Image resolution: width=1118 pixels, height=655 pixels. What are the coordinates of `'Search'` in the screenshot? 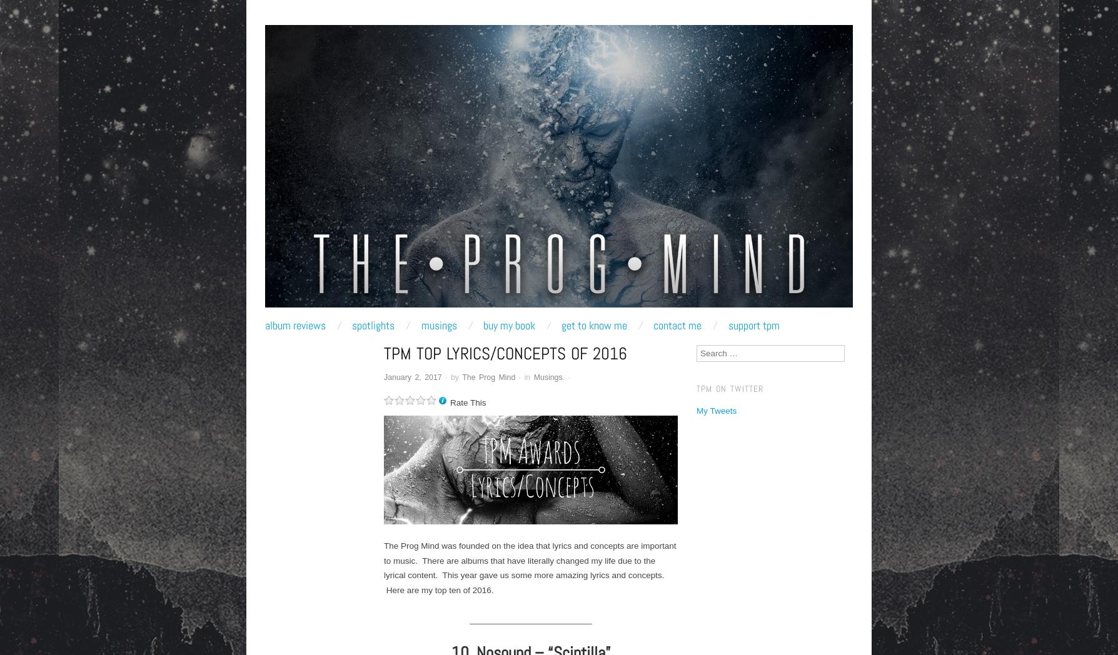 It's located at (709, 349).